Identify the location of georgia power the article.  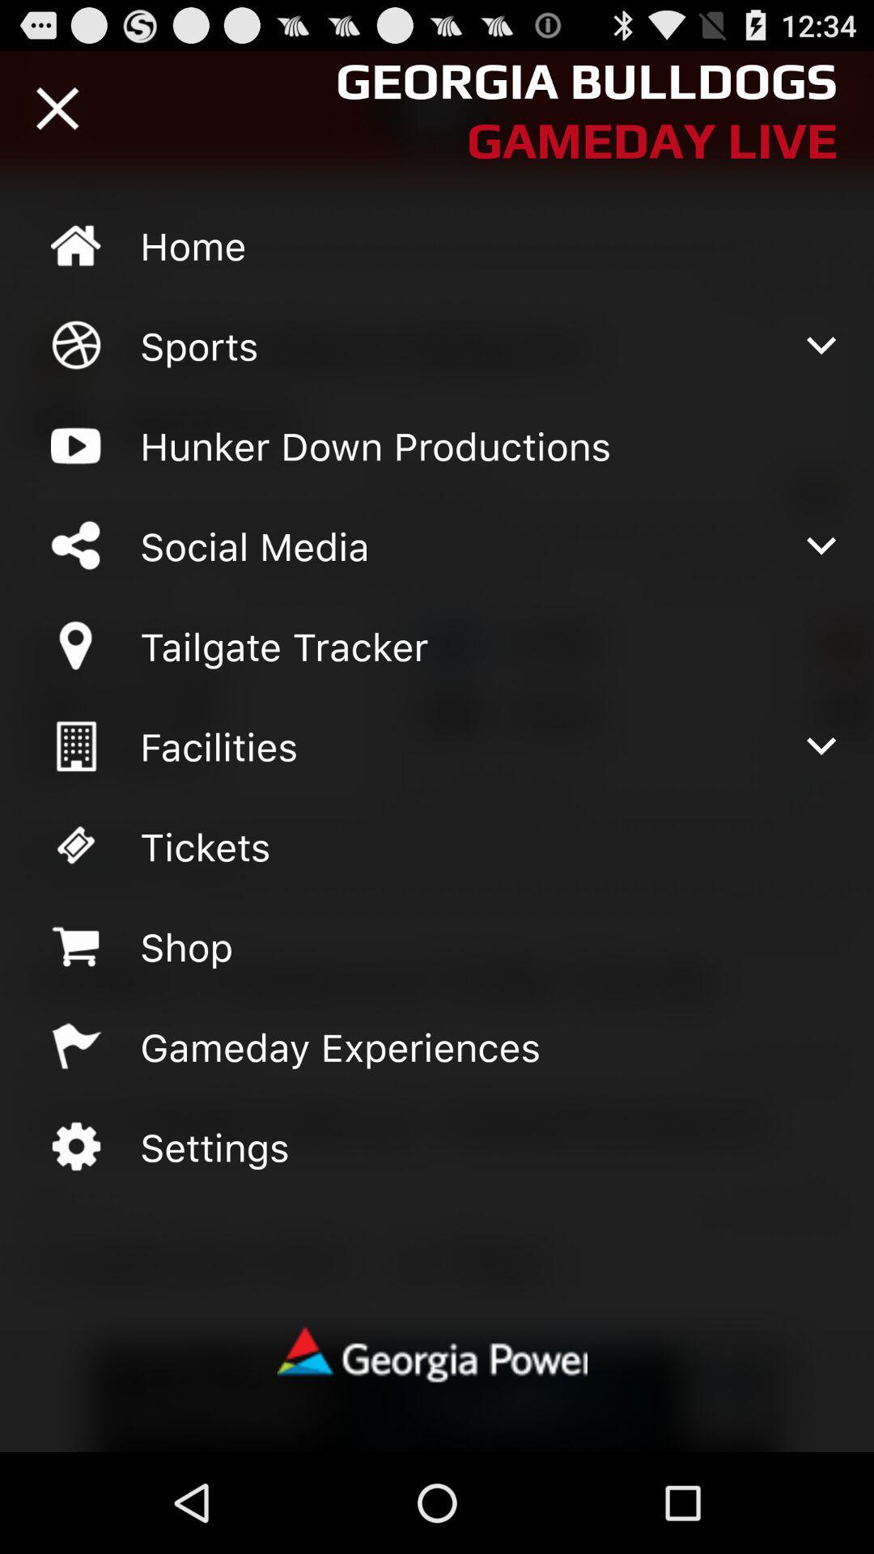
(435, 1356).